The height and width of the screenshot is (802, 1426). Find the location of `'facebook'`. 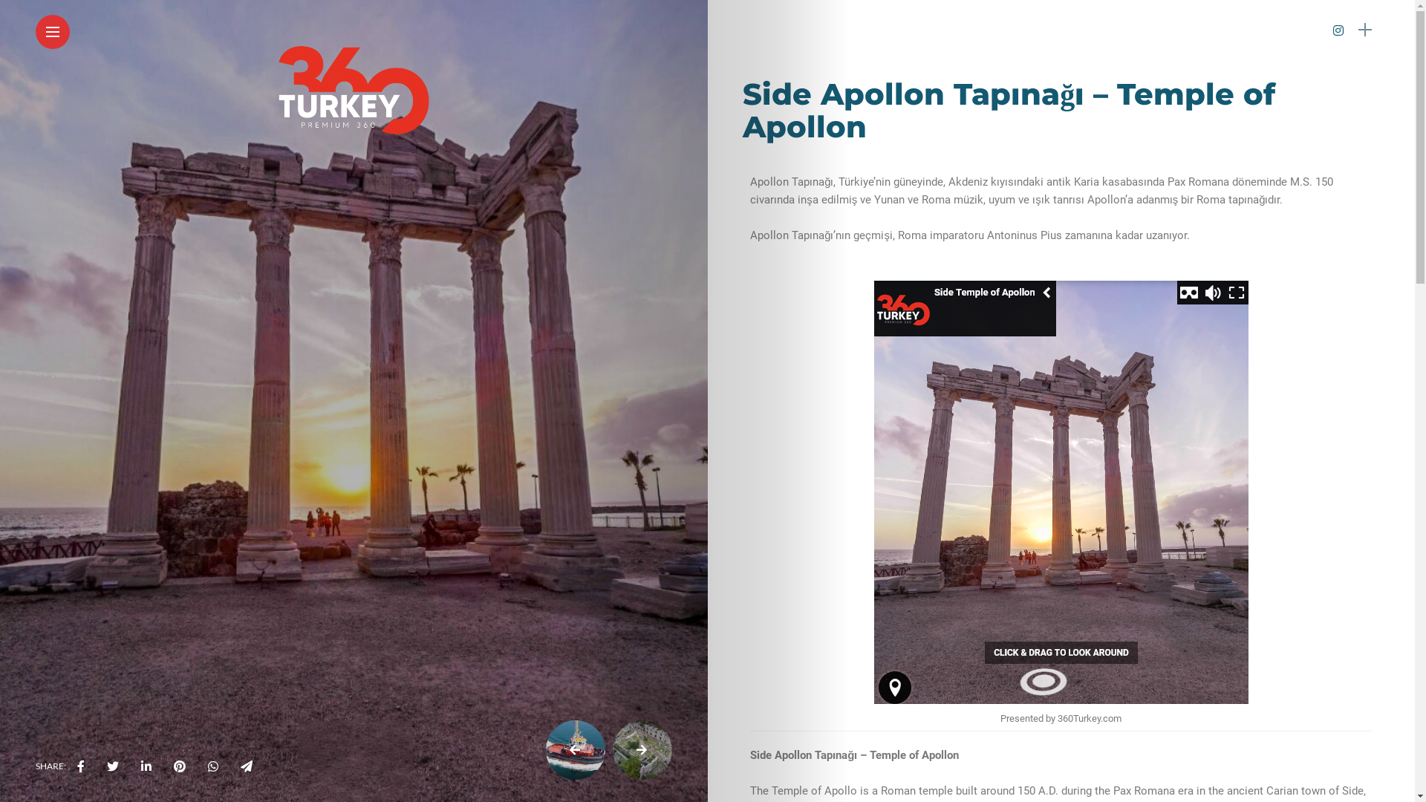

'facebook' is located at coordinates (80, 766).